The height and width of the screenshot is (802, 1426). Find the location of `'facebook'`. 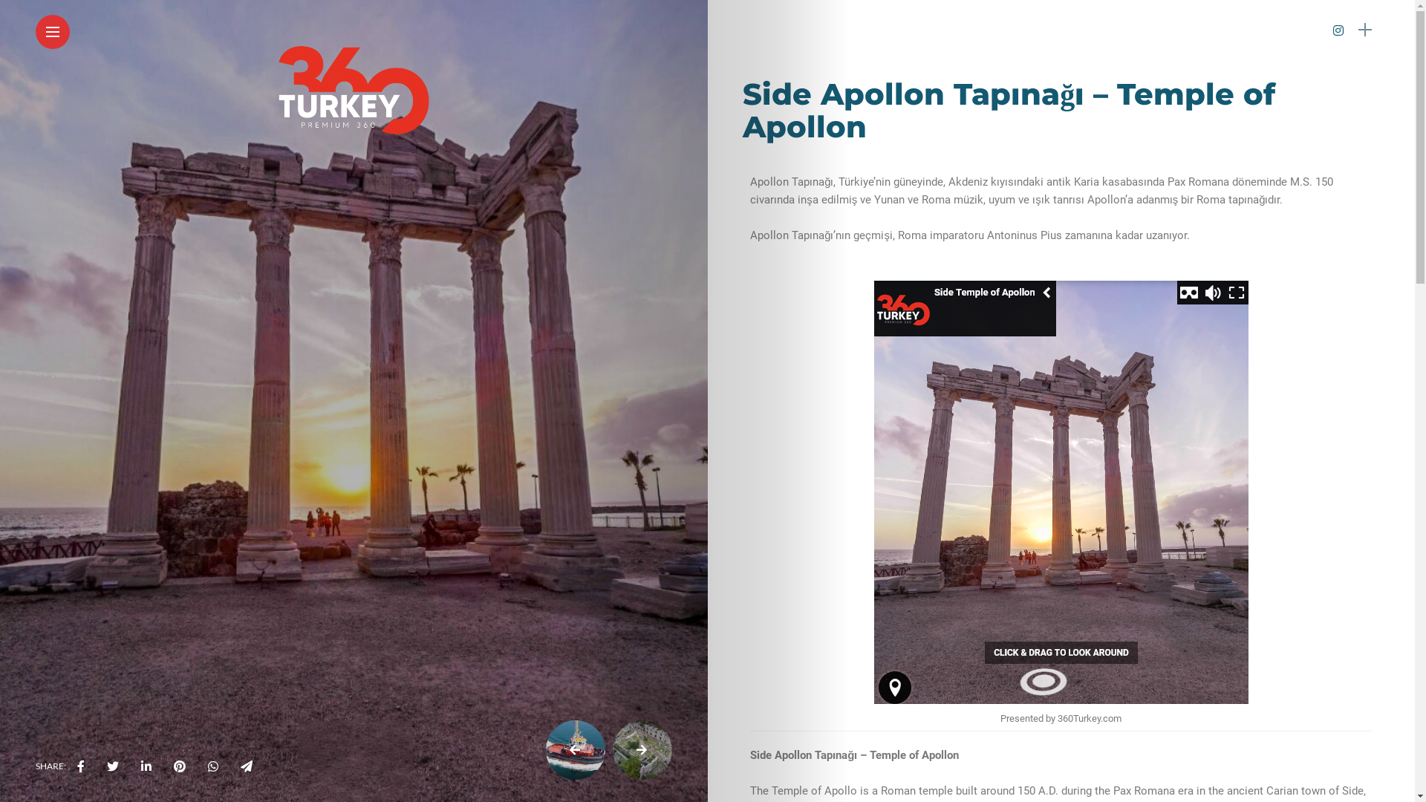

'facebook' is located at coordinates (80, 766).